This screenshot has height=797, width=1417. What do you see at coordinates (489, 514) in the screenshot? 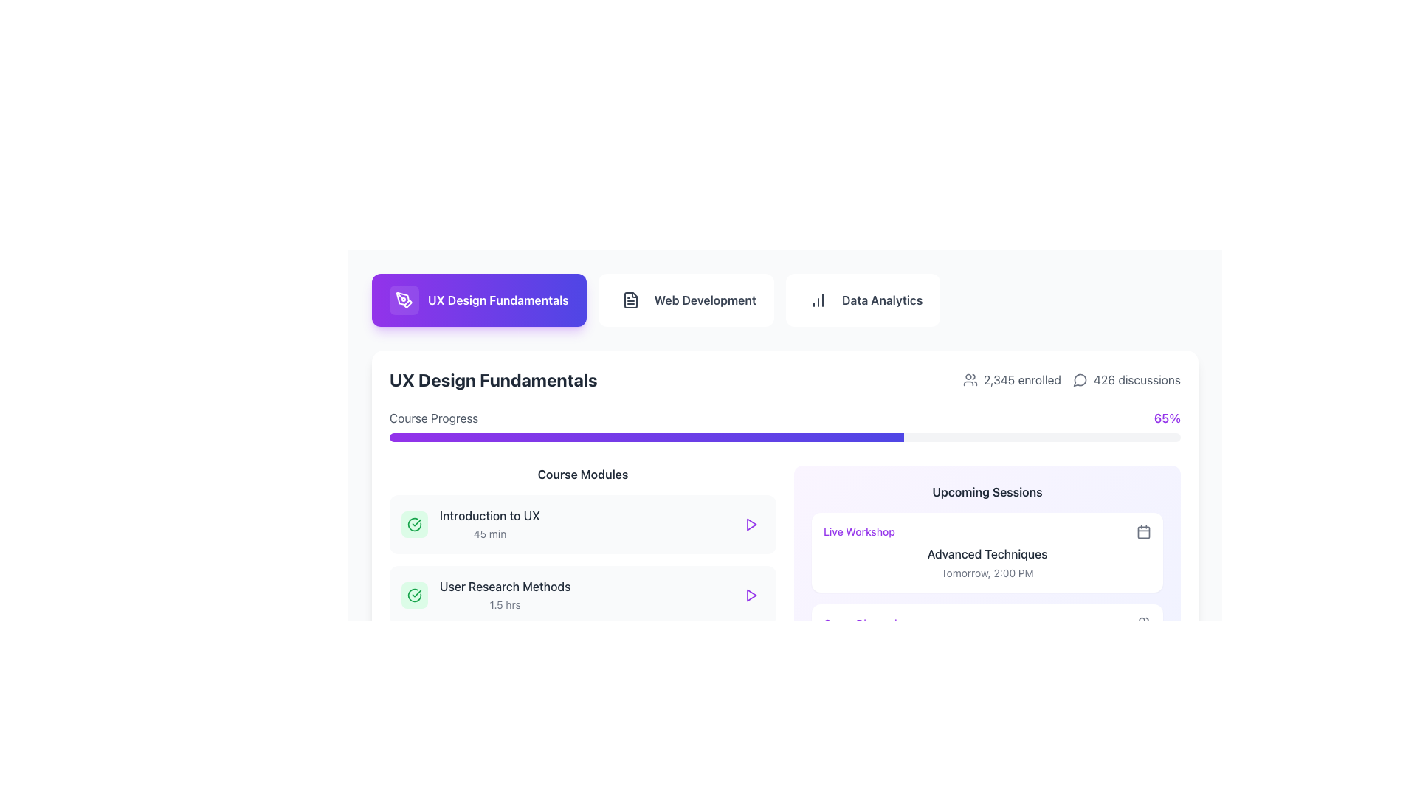
I see `the text label displaying 'Introduction to UX' located in the 'Course Modules' section under 'UX Design Fundamentals'` at bounding box center [489, 514].